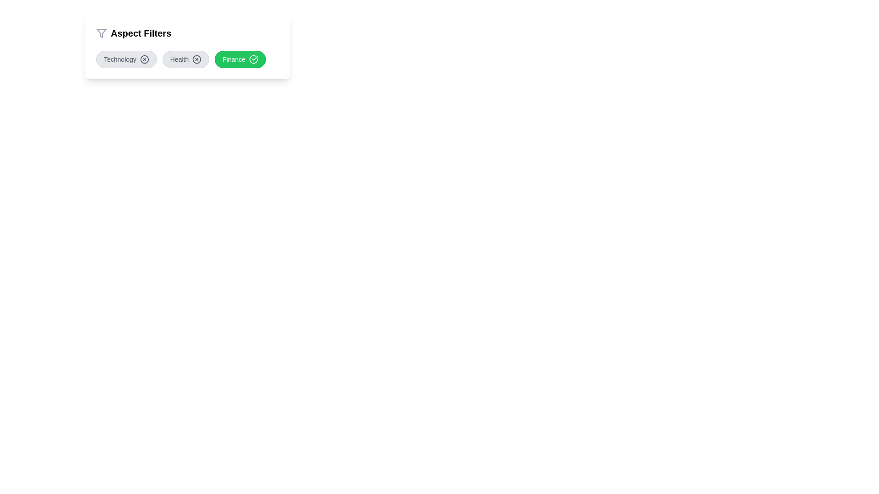  I want to click on the filter icon next to the 'Aspect Filters' title, so click(101, 33).